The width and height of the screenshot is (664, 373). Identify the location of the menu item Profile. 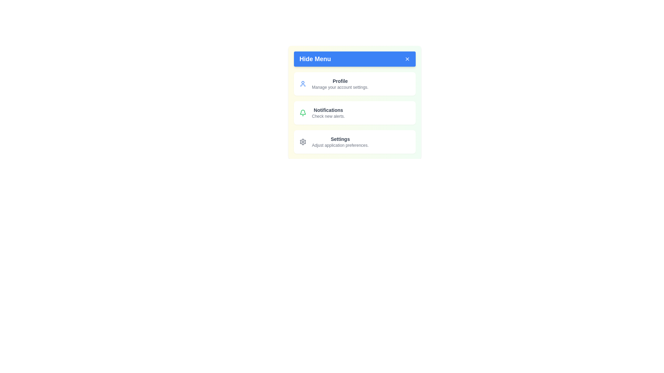
(355, 84).